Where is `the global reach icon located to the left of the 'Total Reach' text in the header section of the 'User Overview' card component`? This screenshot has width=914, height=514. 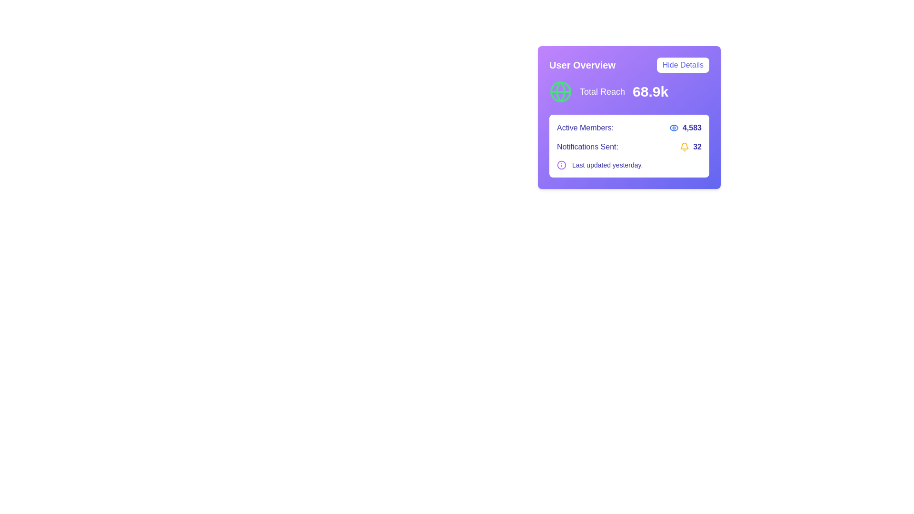 the global reach icon located to the left of the 'Total Reach' text in the header section of the 'User Overview' card component is located at coordinates (560, 91).